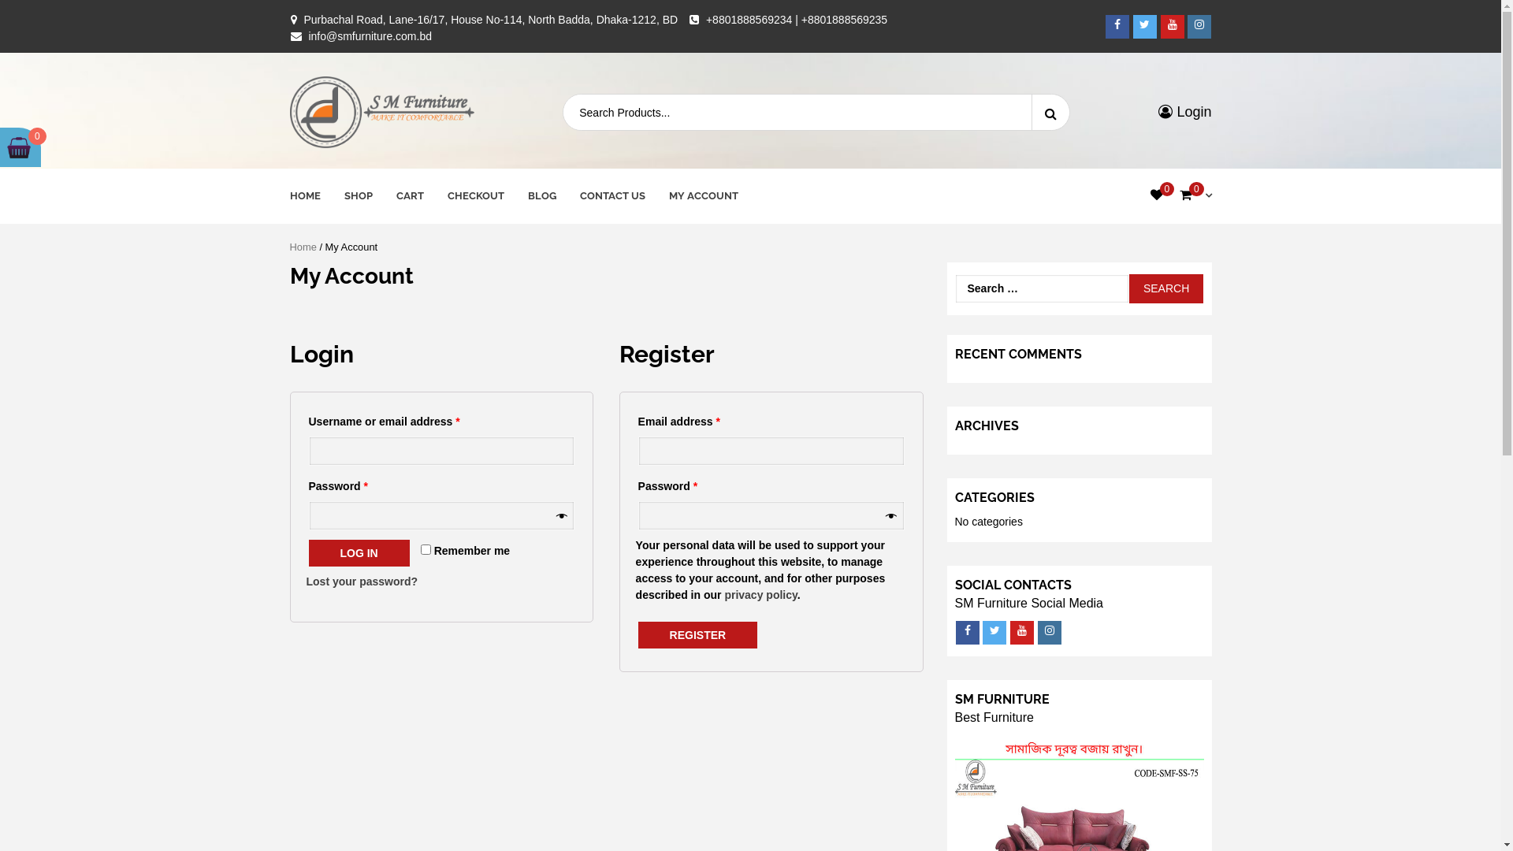  Describe the element at coordinates (697, 634) in the screenshot. I see `'REGISTER'` at that location.